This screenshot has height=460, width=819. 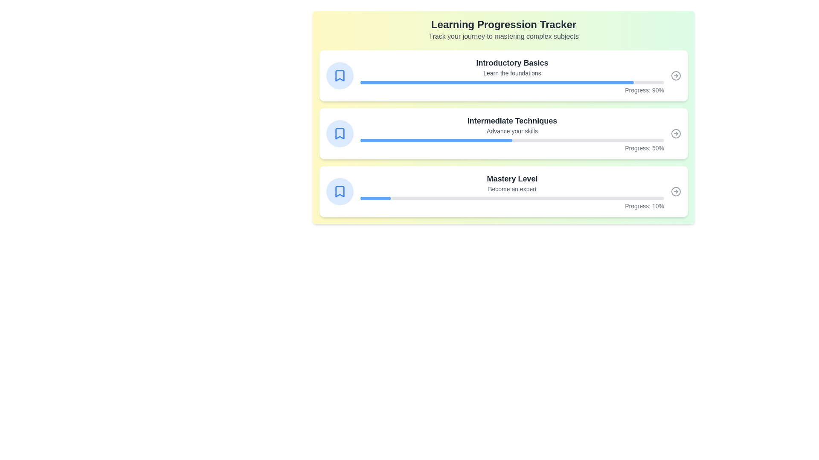 I want to click on the Circular SVG component that encloses the right arrow icon at the right end of the progress bar for the 'Introductory Basics' section, so click(x=675, y=75).